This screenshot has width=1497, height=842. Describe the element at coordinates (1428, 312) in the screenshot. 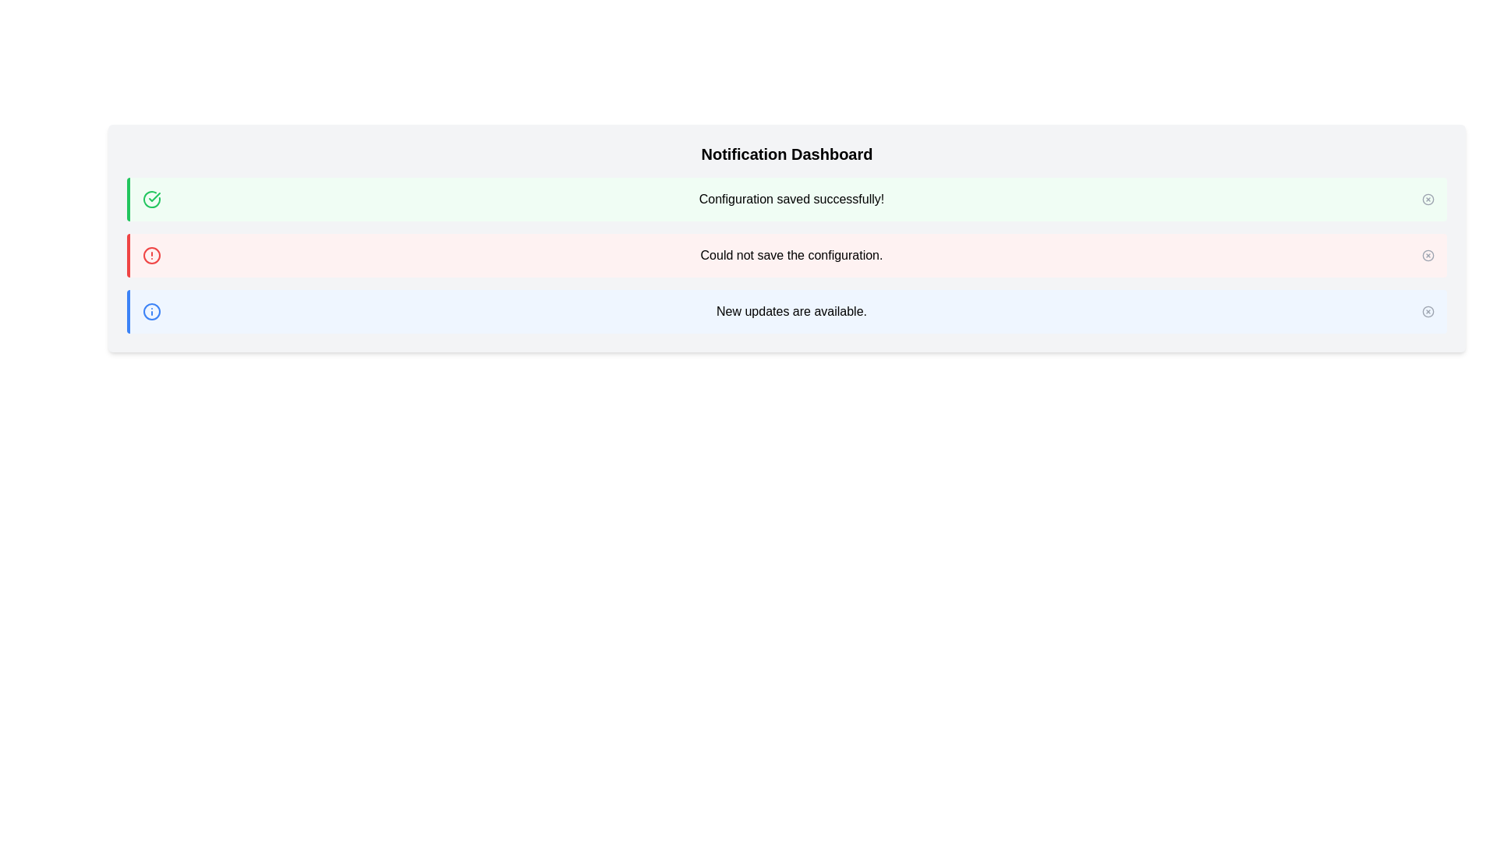

I see `the circular graphical element located within the larger square icon on the right end of the blue notification bar that indicates 'New updates are available.'` at that location.